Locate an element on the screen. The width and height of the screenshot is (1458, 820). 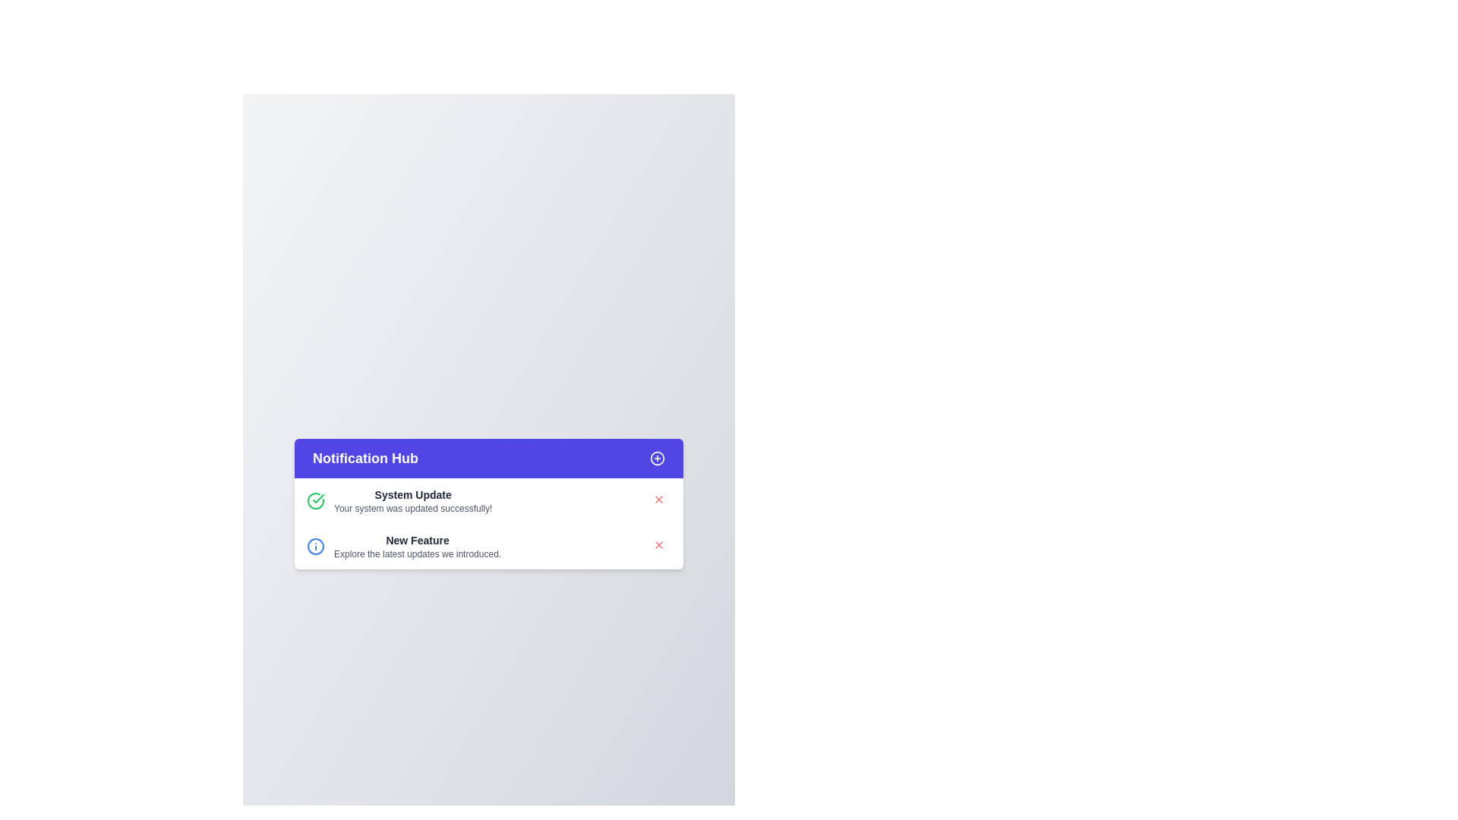
the 'System Update' text label in the Notification Hub to check for the tooltip or highlight effect is located at coordinates (413, 494).